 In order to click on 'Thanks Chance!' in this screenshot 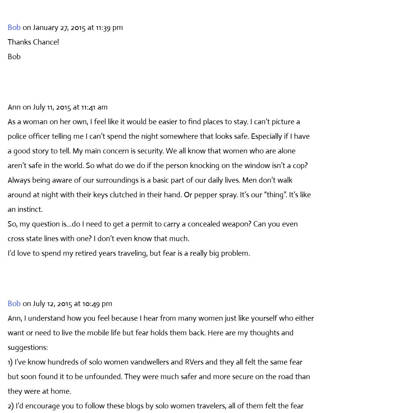, I will do `click(33, 41)`.